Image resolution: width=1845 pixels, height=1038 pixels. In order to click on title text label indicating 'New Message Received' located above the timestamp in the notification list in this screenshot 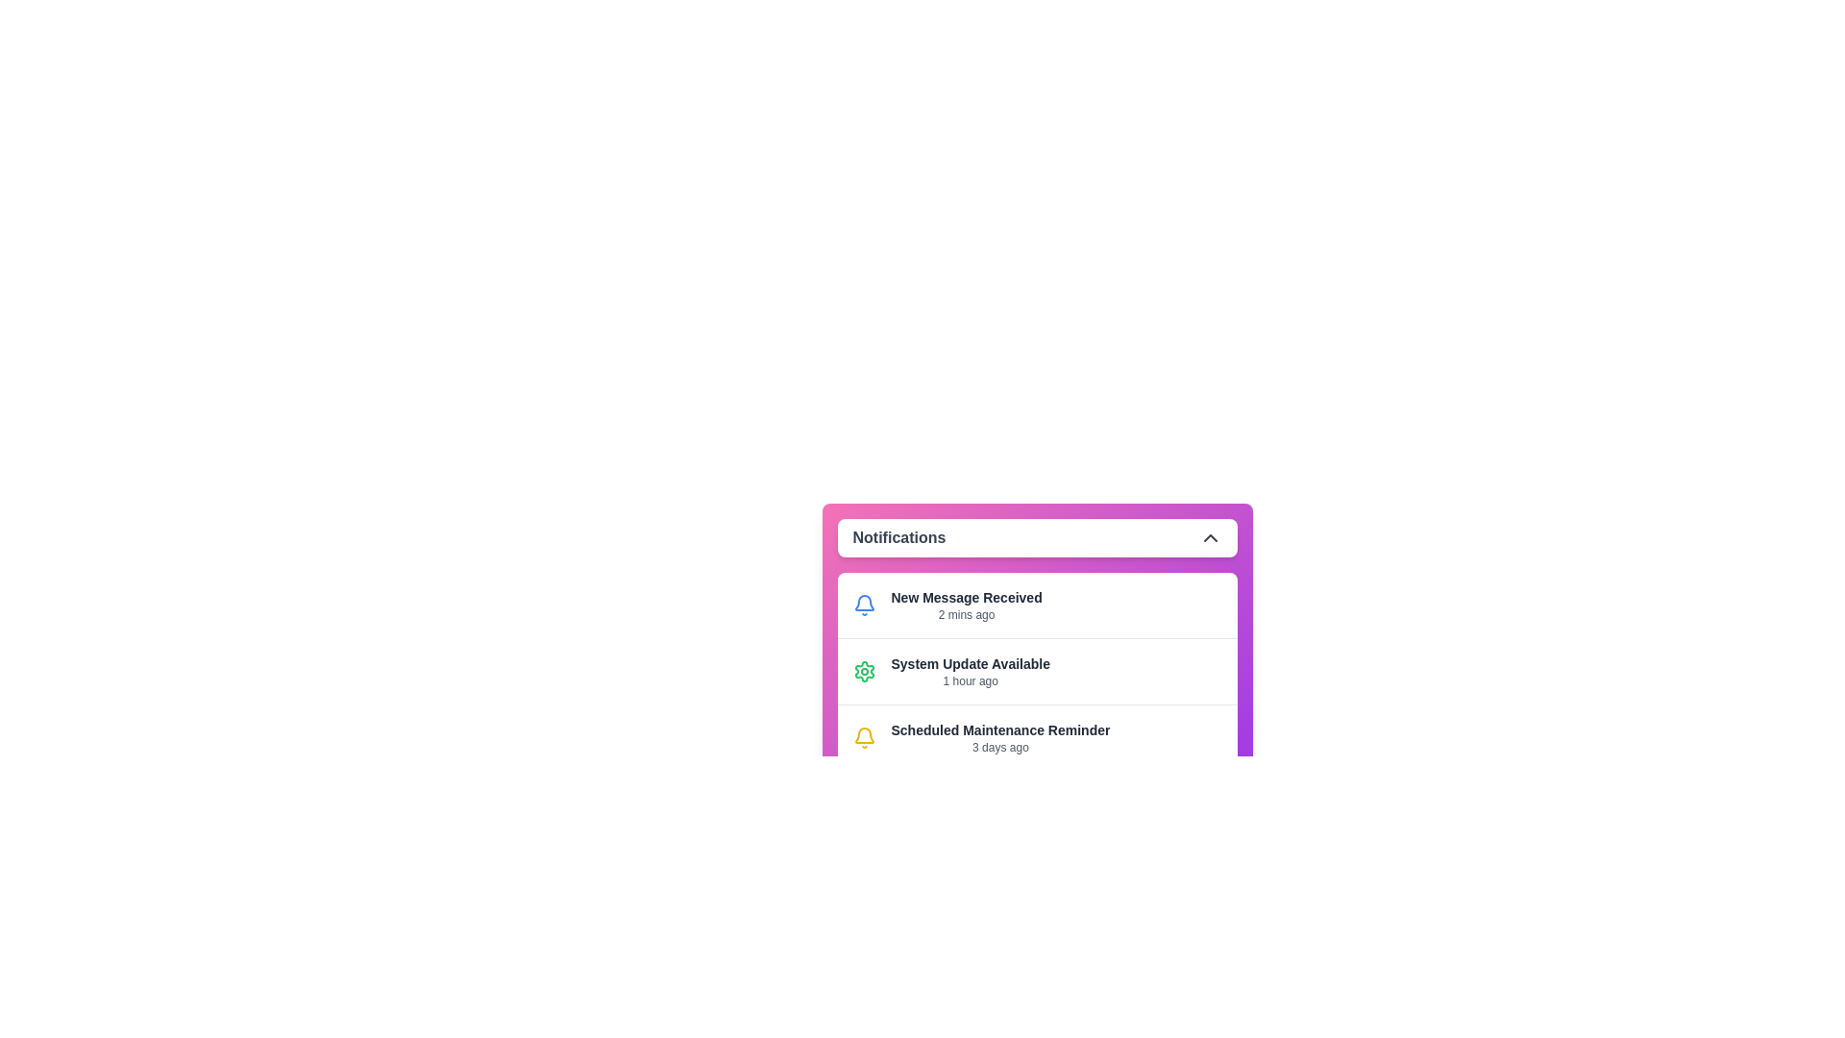, I will do `click(967, 596)`.